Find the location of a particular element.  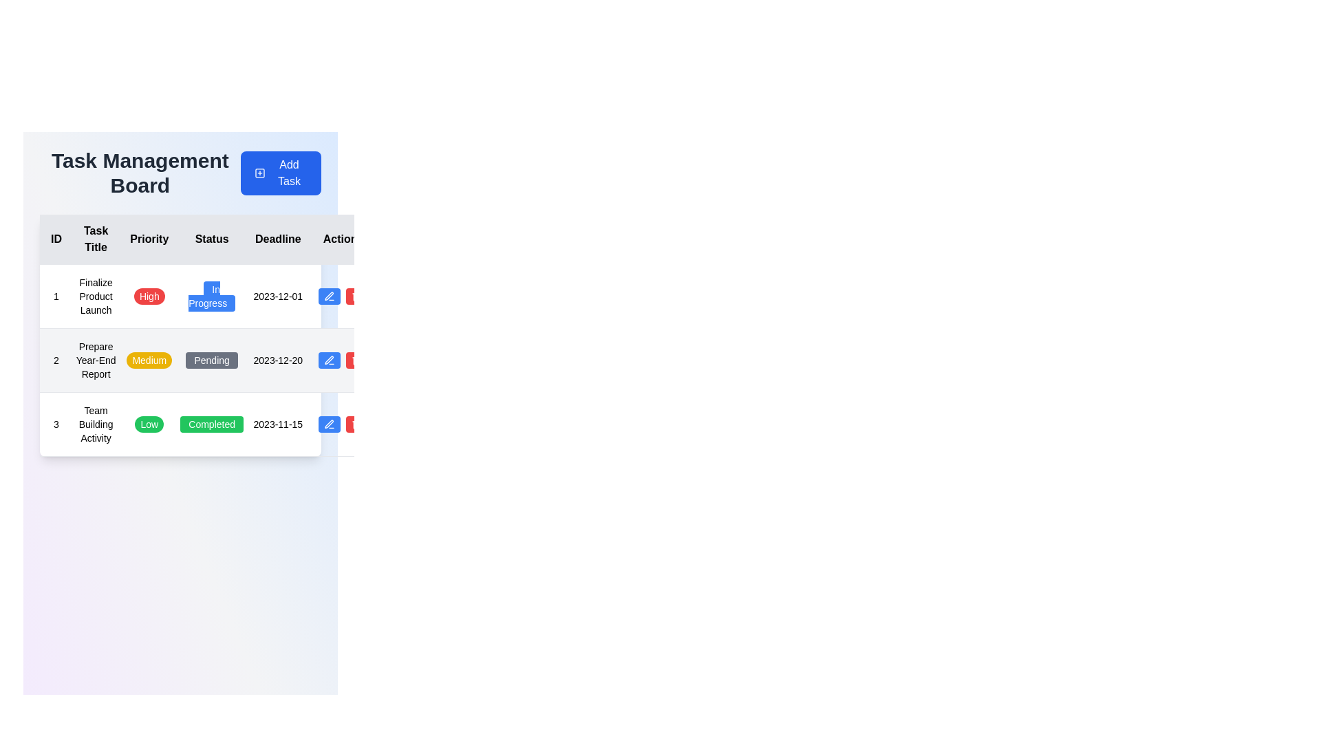

text from the Table Cell displaying 'Finalize Product Launch' under the 'Task Title' column is located at coordinates (95, 296).